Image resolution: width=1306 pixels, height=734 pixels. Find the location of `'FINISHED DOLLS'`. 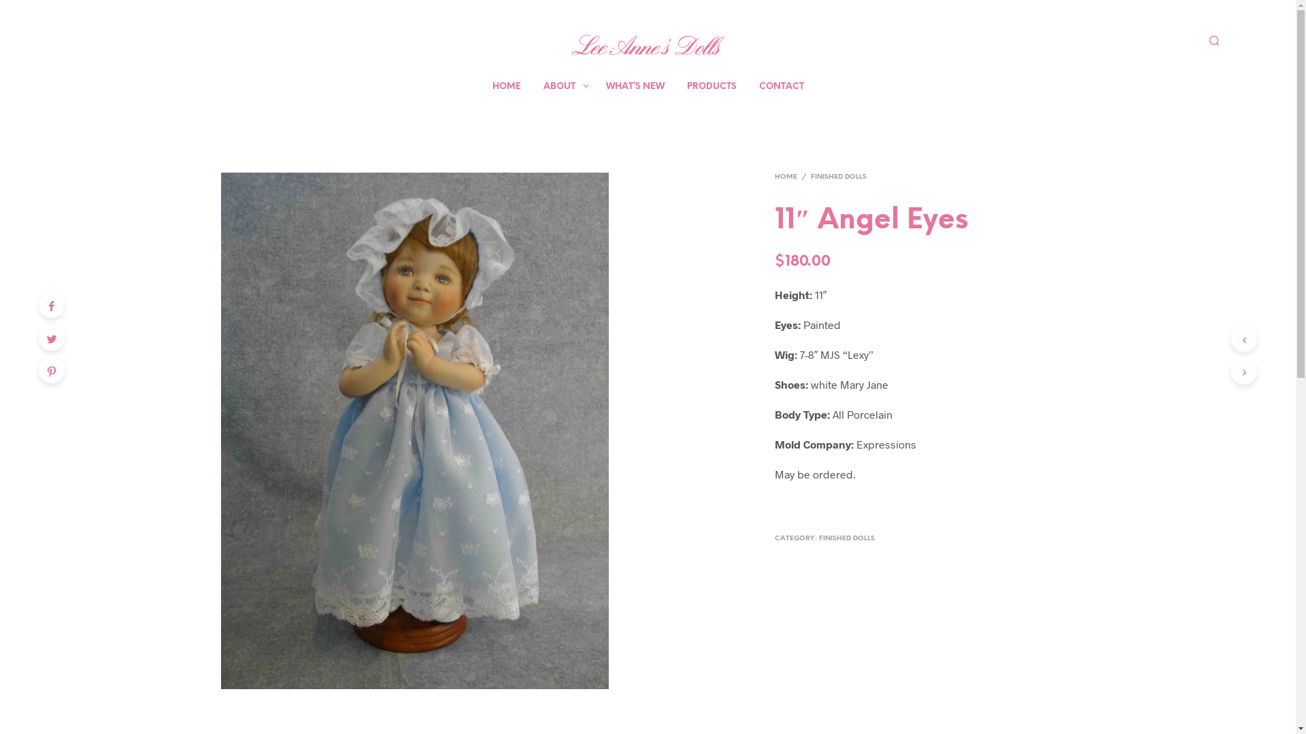

'FINISHED DOLLS' is located at coordinates (838, 176).